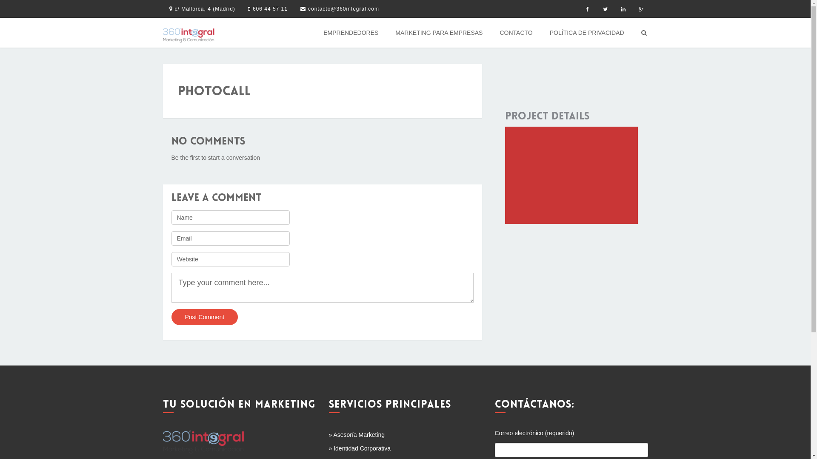  Describe the element at coordinates (204, 317) in the screenshot. I see `'Post Comment'` at that location.